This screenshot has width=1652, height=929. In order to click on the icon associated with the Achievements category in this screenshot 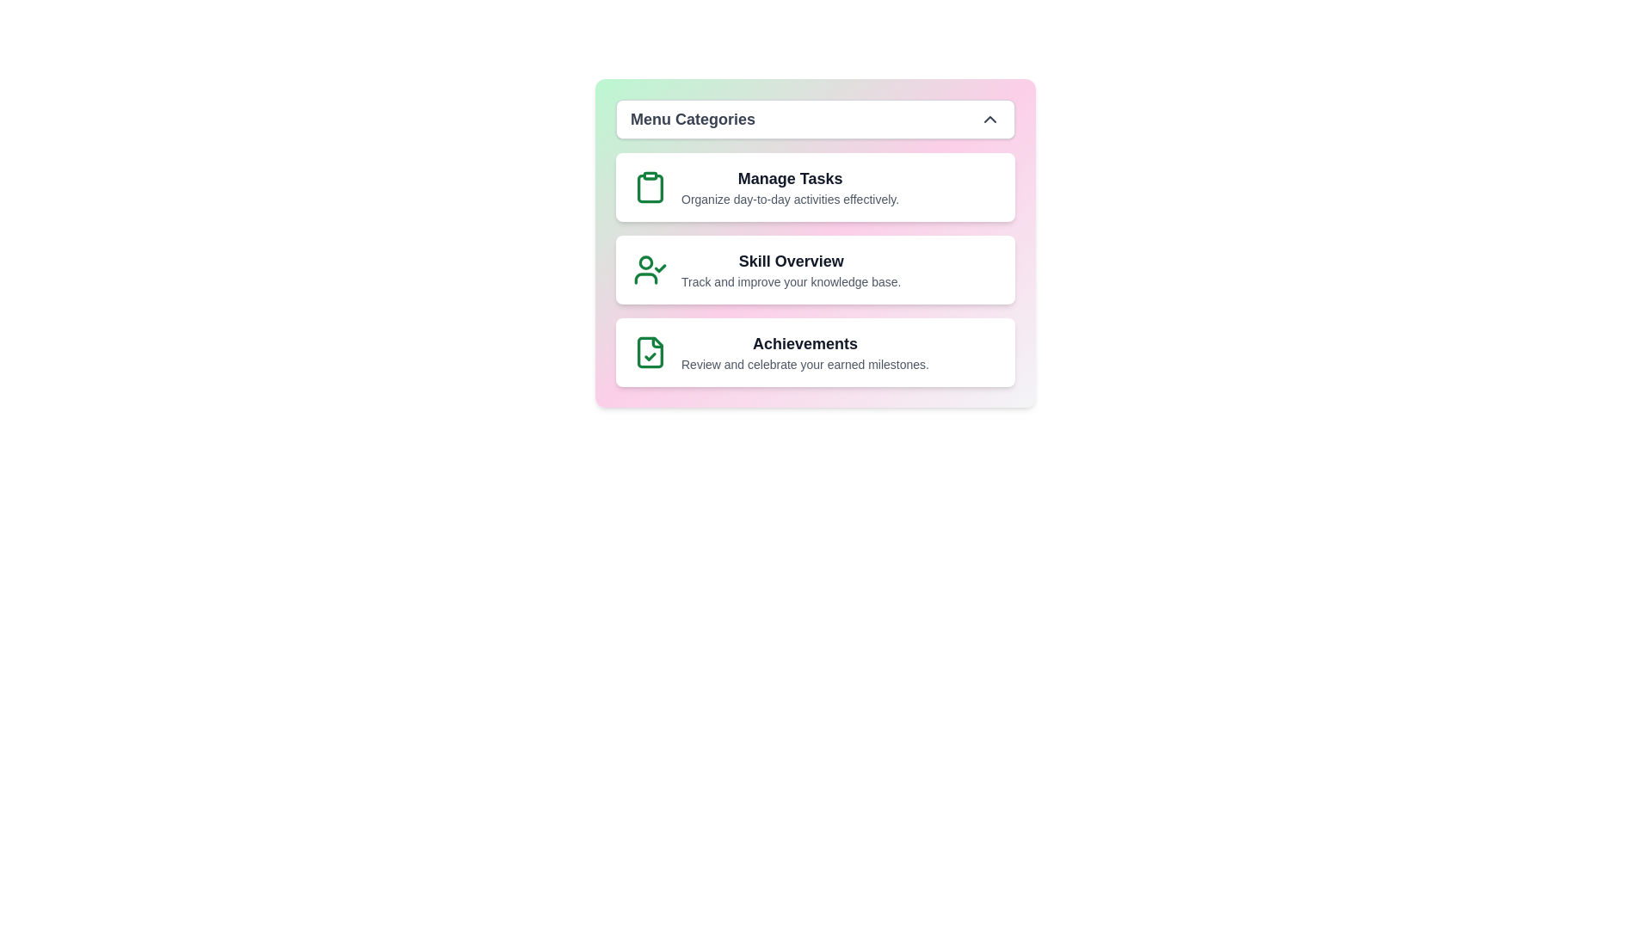, I will do `click(649, 351)`.